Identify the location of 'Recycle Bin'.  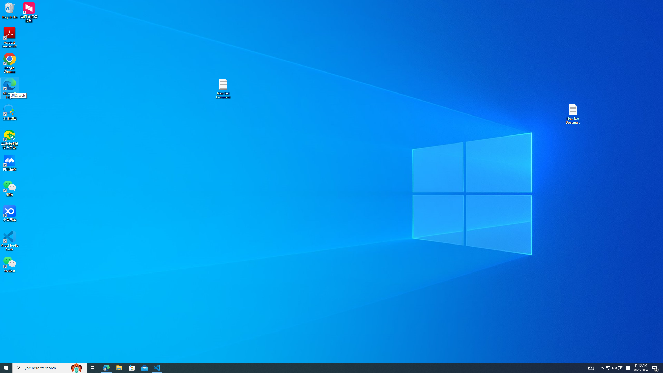
(9, 10).